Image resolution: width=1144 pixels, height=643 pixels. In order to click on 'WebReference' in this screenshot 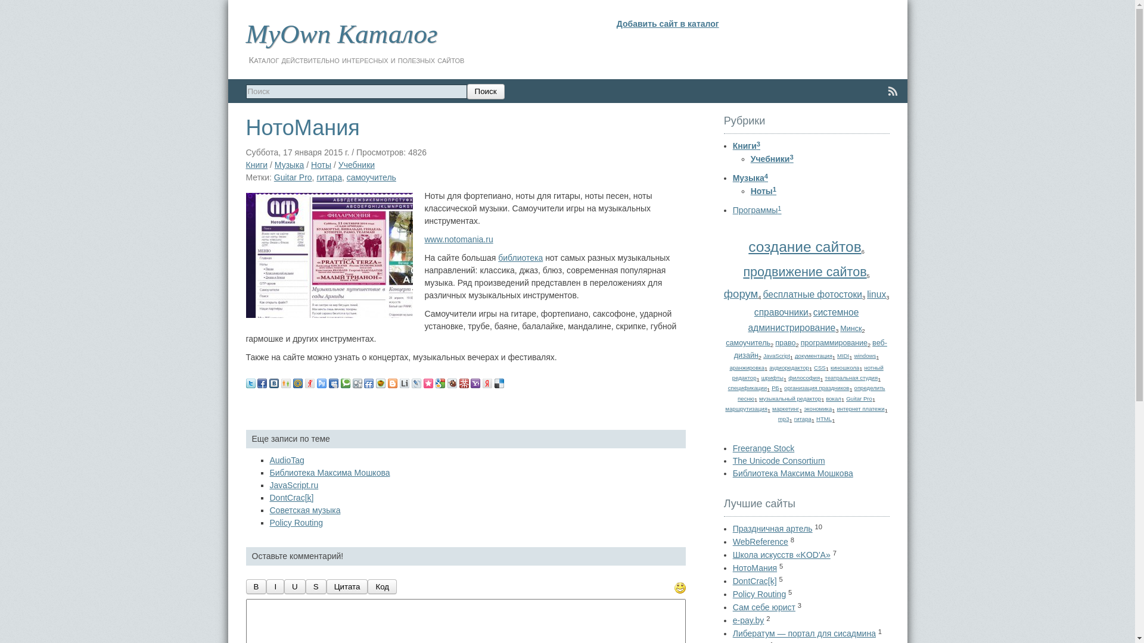, I will do `click(760, 542)`.